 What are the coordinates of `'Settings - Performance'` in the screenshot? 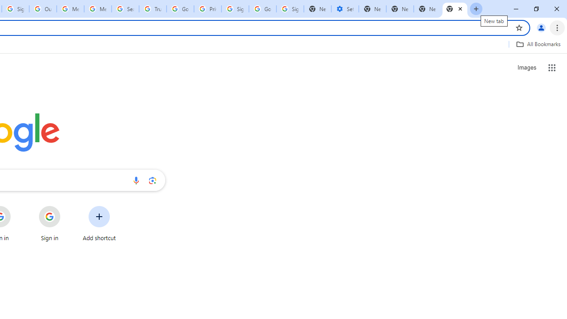 It's located at (344, 9).